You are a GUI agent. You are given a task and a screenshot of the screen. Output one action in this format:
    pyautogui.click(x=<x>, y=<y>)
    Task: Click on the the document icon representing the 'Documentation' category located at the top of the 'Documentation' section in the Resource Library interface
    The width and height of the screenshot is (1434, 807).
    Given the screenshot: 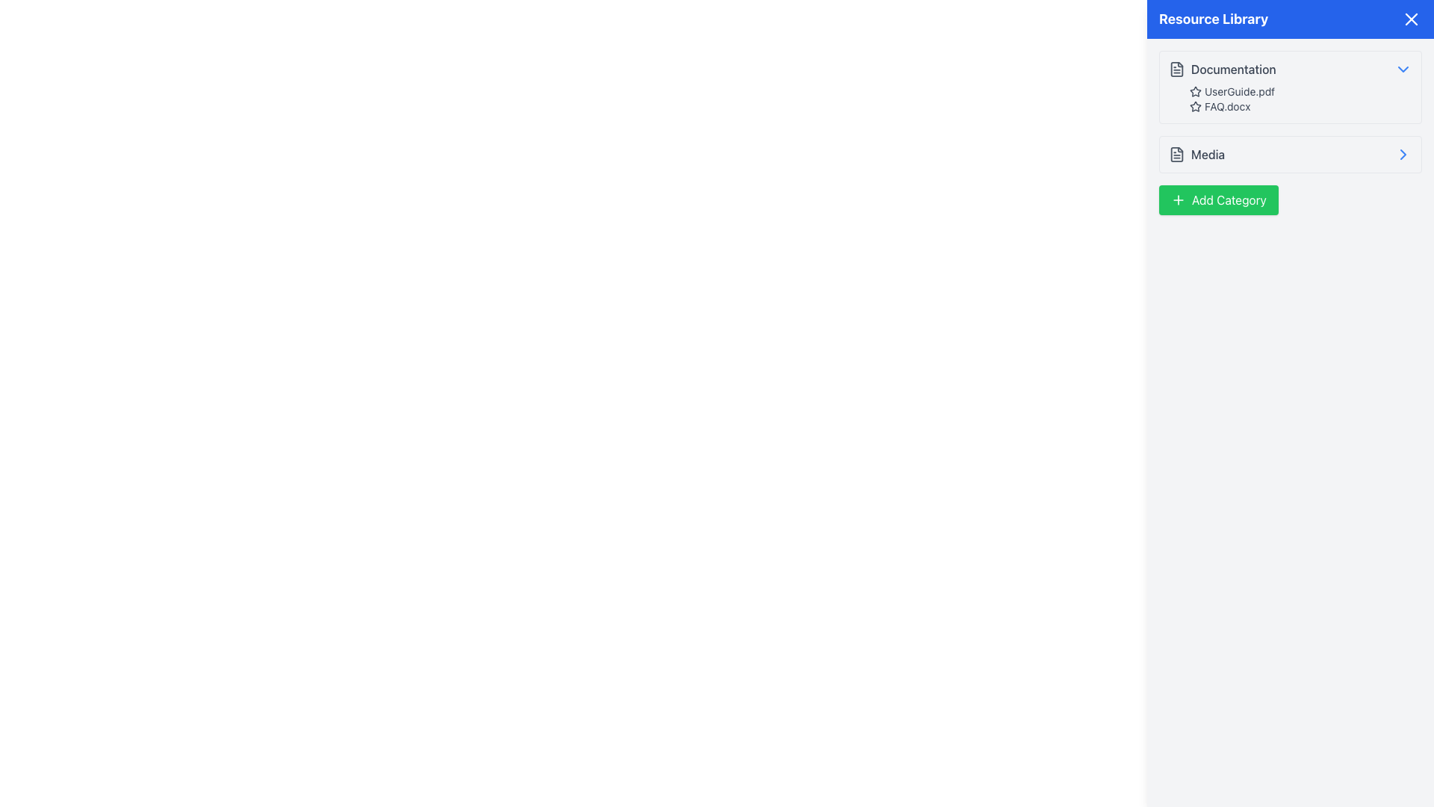 What is the action you would take?
    pyautogui.click(x=1176, y=69)
    